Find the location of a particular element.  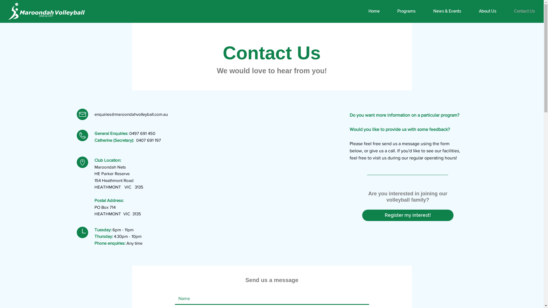

'enquiries@maroondahvolleyball.com.au' is located at coordinates (94, 114).